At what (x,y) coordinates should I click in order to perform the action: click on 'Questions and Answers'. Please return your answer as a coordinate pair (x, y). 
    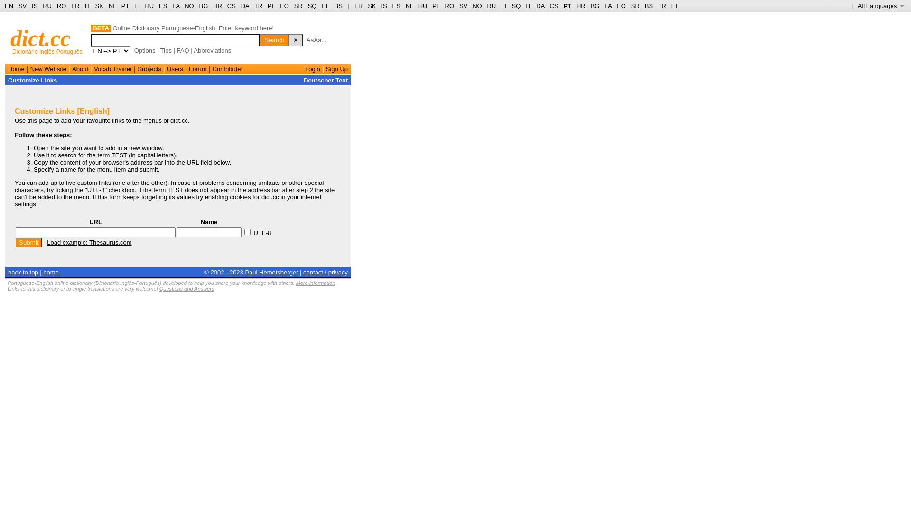
    Looking at the image, I should click on (186, 288).